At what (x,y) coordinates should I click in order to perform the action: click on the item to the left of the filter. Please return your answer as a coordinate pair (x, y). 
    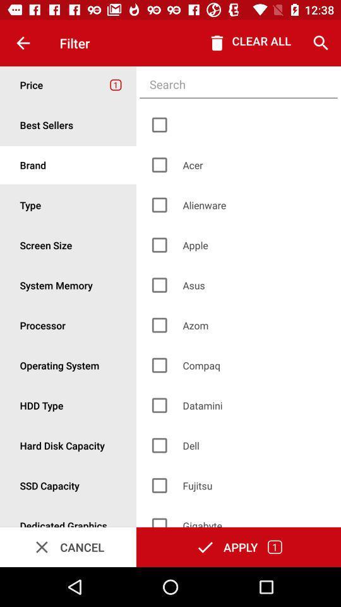
    Looking at the image, I should click on (23, 43).